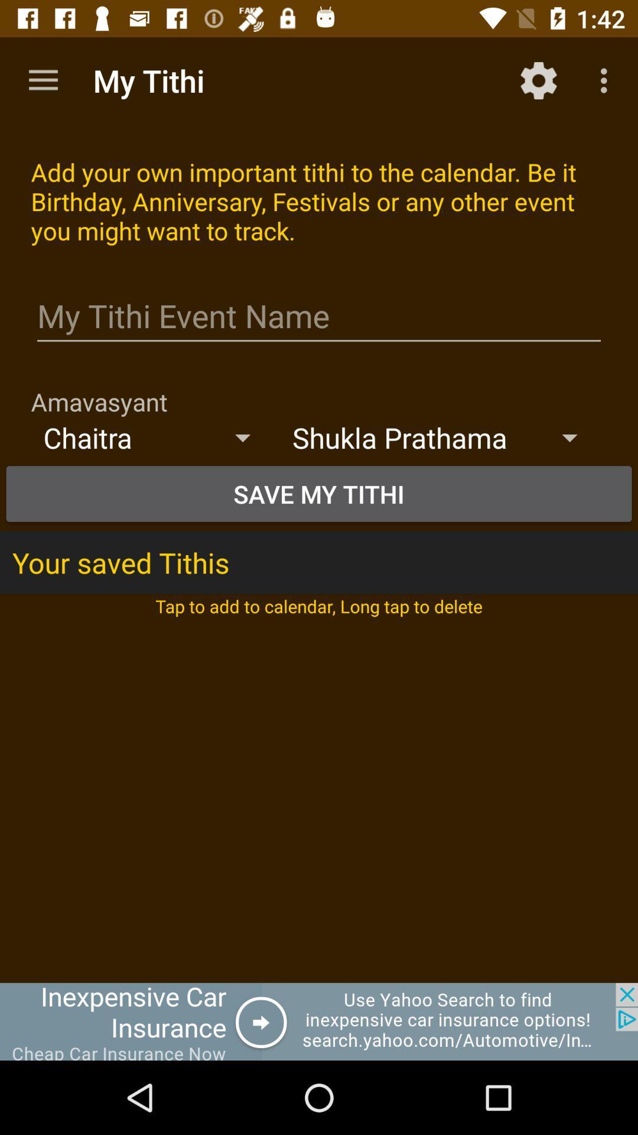 Image resolution: width=638 pixels, height=1135 pixels. What do you see at coordinates (319, 1021) in the screenshot?
I see `advertisement link` at bounding box center [319, 1021].